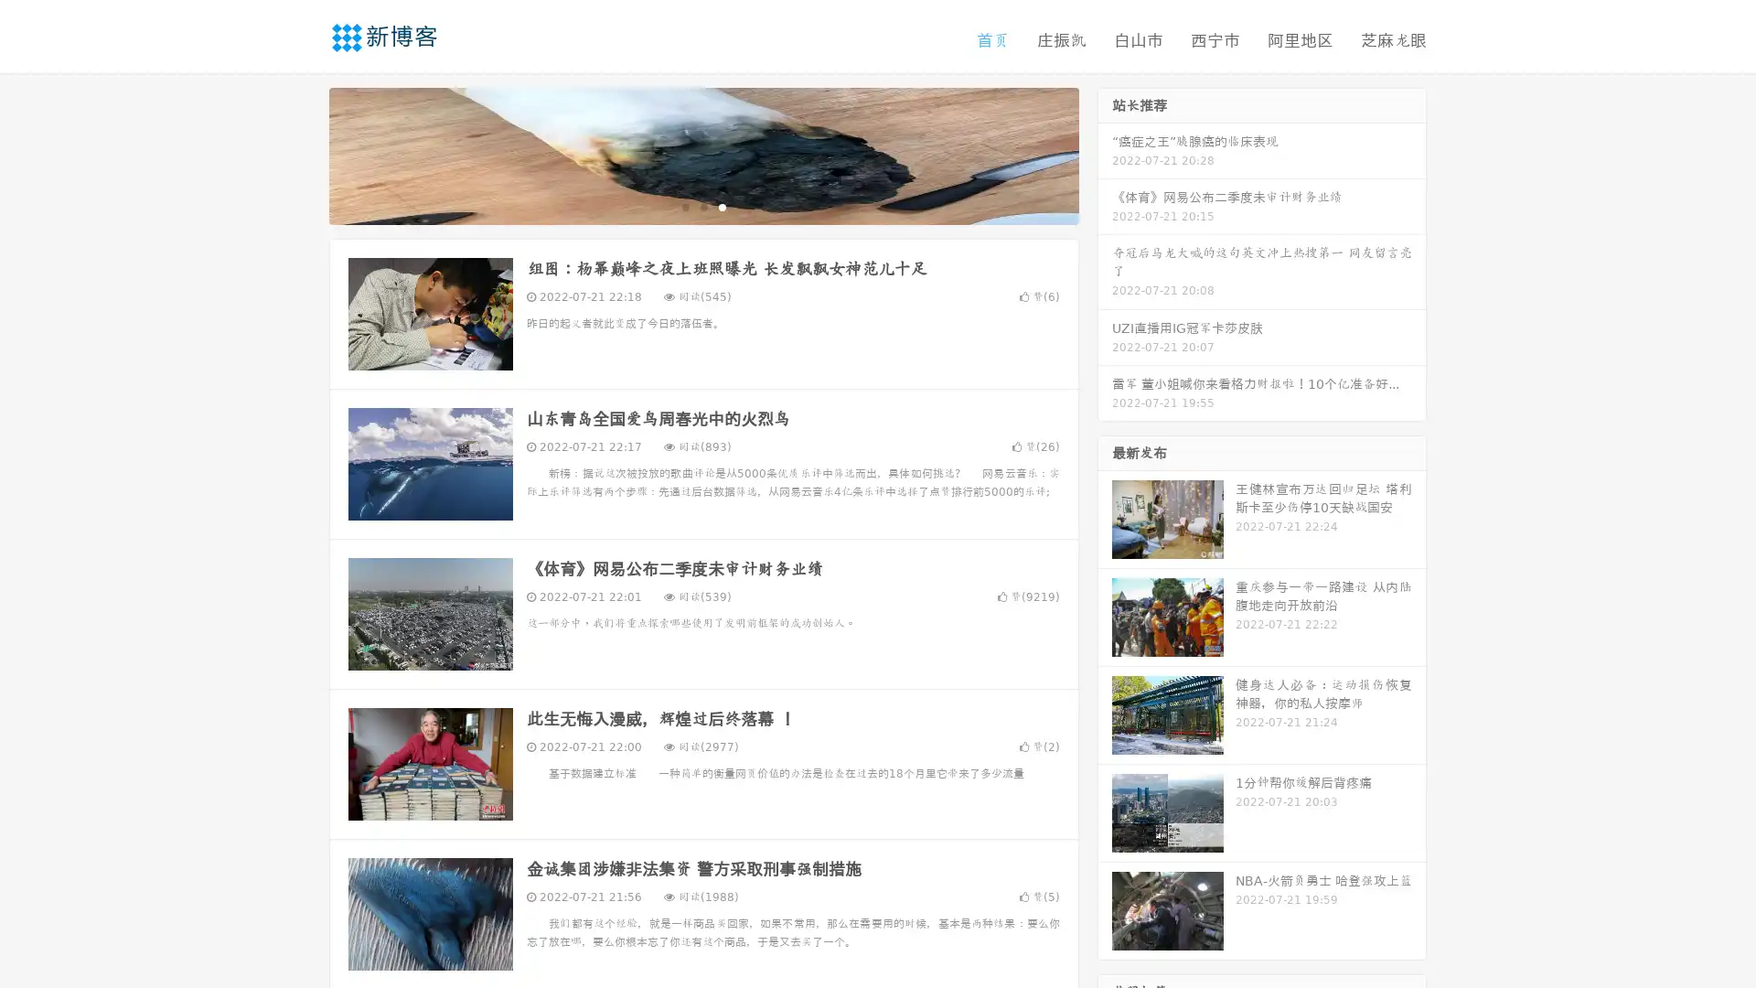  Describe the element at coordinates (684, 206) in the screenshot. I see `Go to slide 1` at that location.